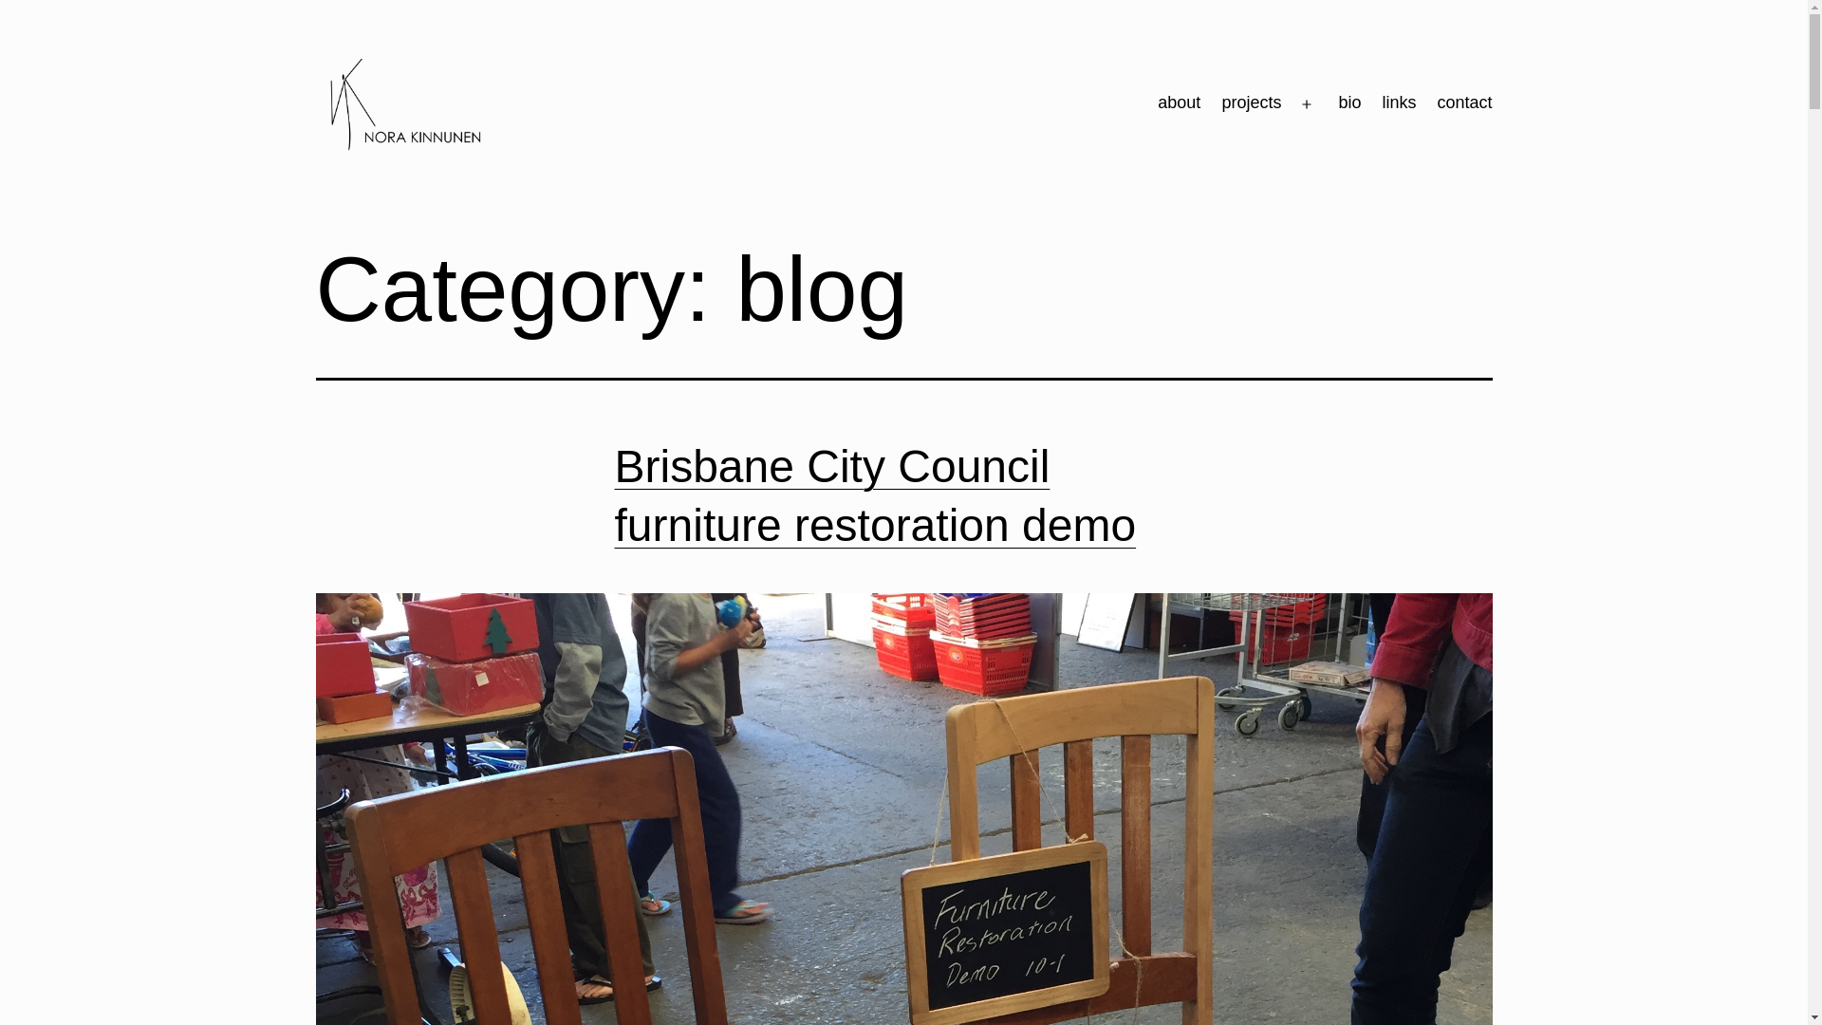 Image resolution: width=1822 pixels, height=1025 pixels. I want to click on 'bio', so click(1348, 104).